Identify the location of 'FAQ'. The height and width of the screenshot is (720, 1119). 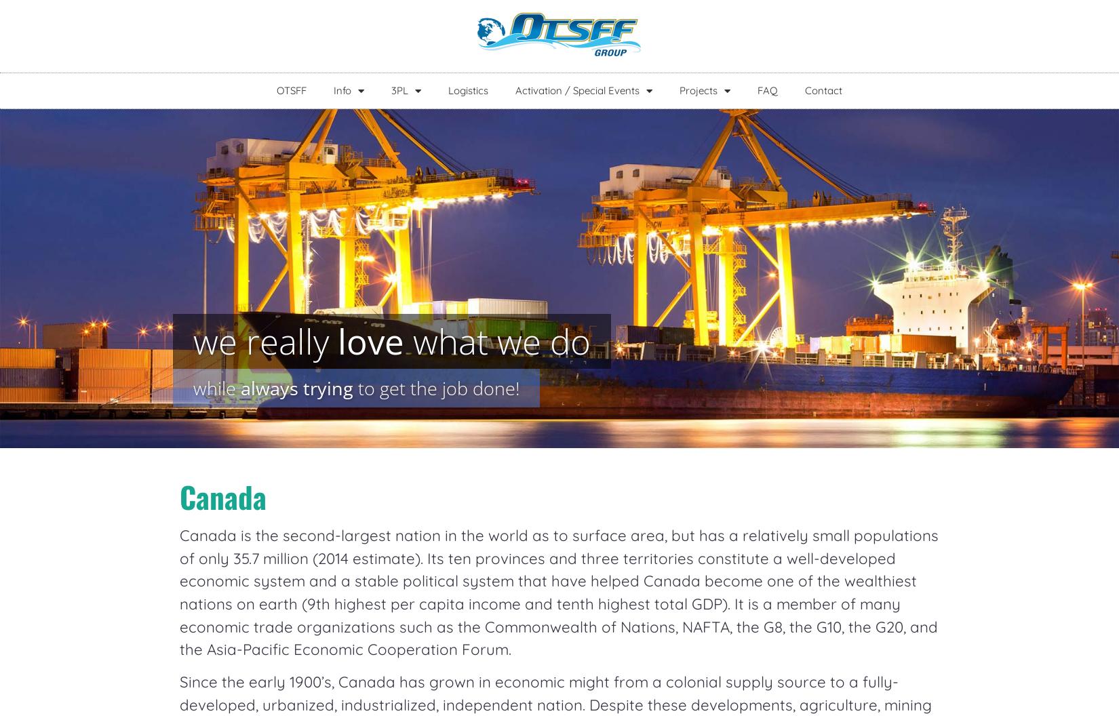
(768, 90).